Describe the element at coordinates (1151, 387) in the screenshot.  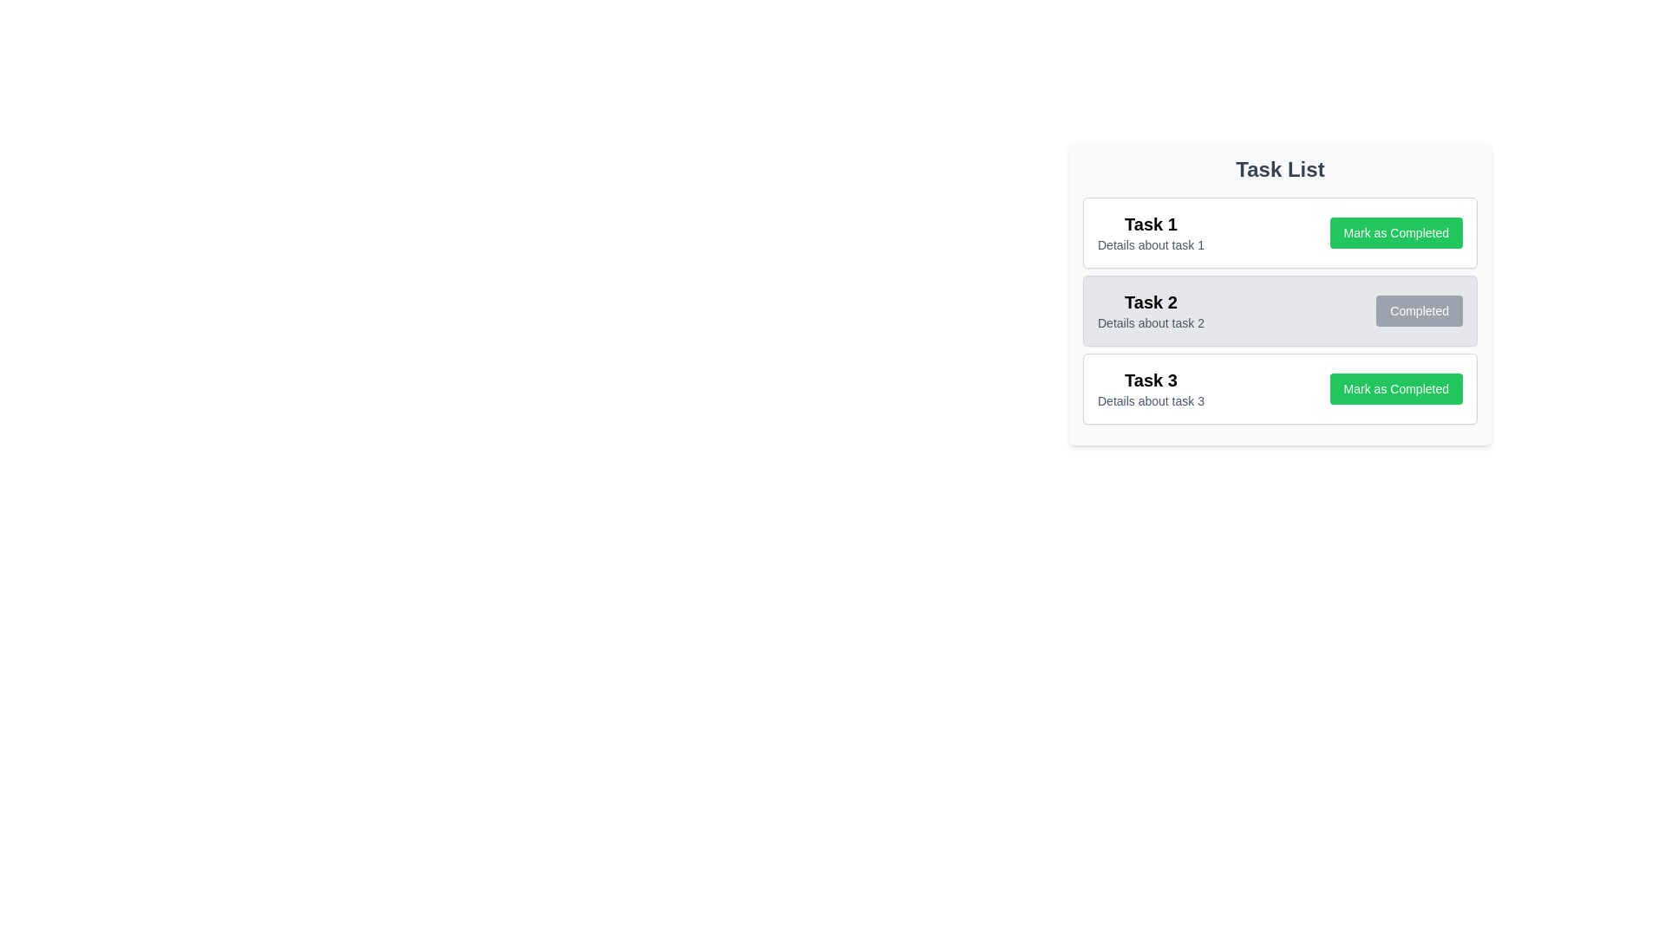
I see `the text in the 'Task 3 - Details about task 3' block, which consists of a bold larger font stating 'Task 3' followed by a smaller gray description` at that location.